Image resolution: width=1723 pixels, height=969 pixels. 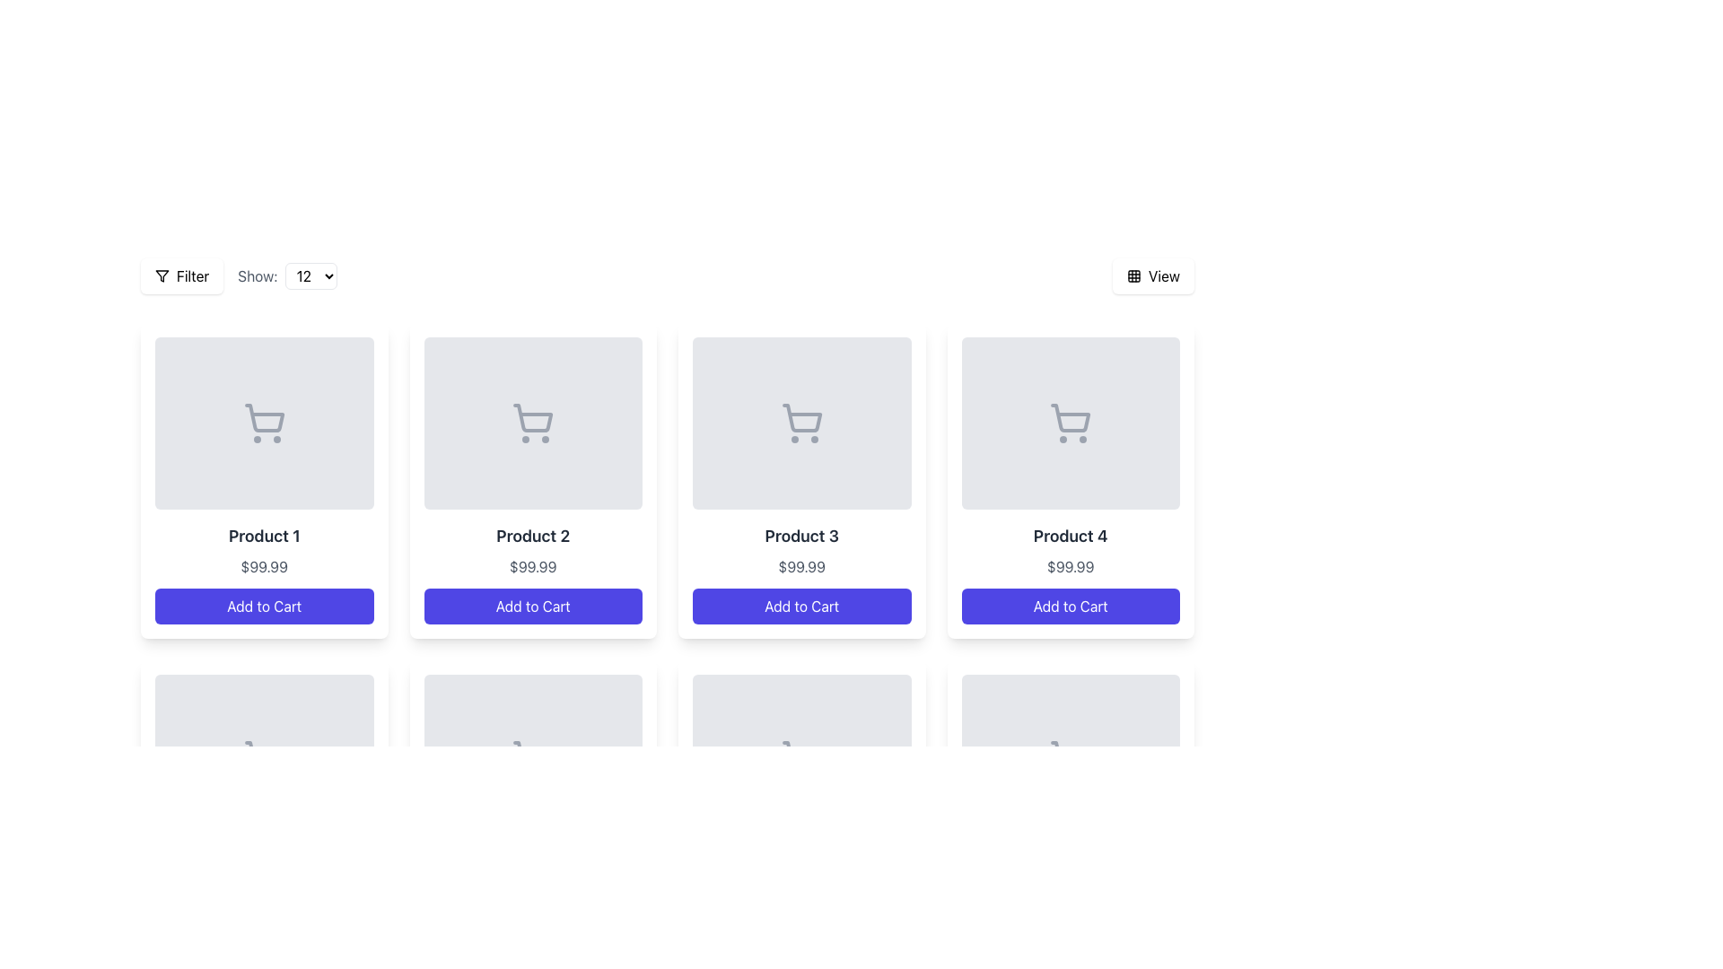 What do you see at coordinates (193, 276) in the screenshot?
I see `text label of the filtering button located near the upper-left corner of the interface to understand its function` at bounding box center [193, 276].